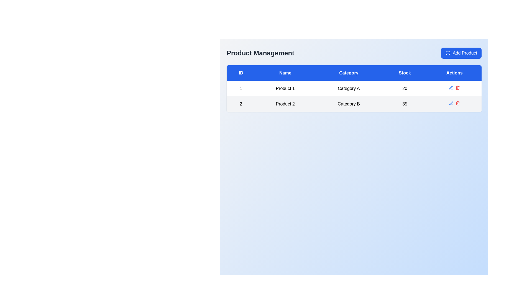 The image size is (532, 299). I want to click on the 'Add Product' button located at the top-right corner of the interface, so click(461, 53).